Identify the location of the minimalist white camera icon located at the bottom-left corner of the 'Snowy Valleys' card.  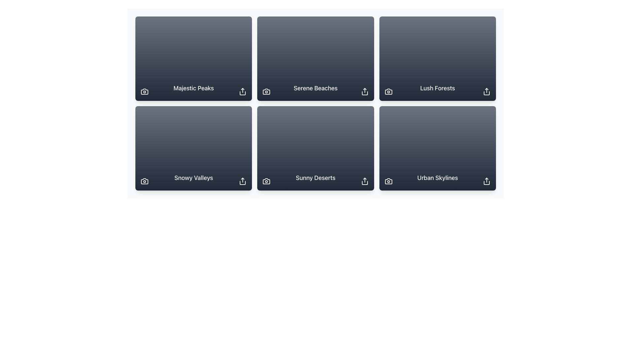
(144, 181).